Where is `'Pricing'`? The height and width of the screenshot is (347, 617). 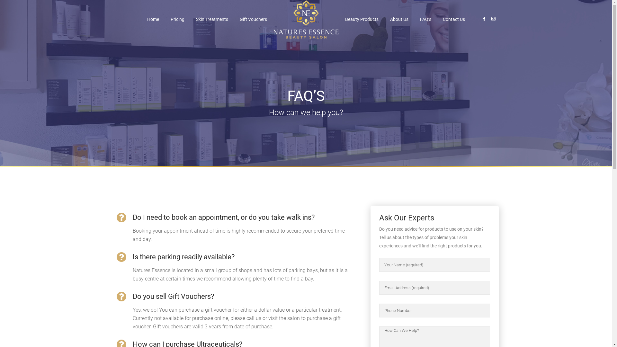 'Pricing' is located at coordinates (177, 19).